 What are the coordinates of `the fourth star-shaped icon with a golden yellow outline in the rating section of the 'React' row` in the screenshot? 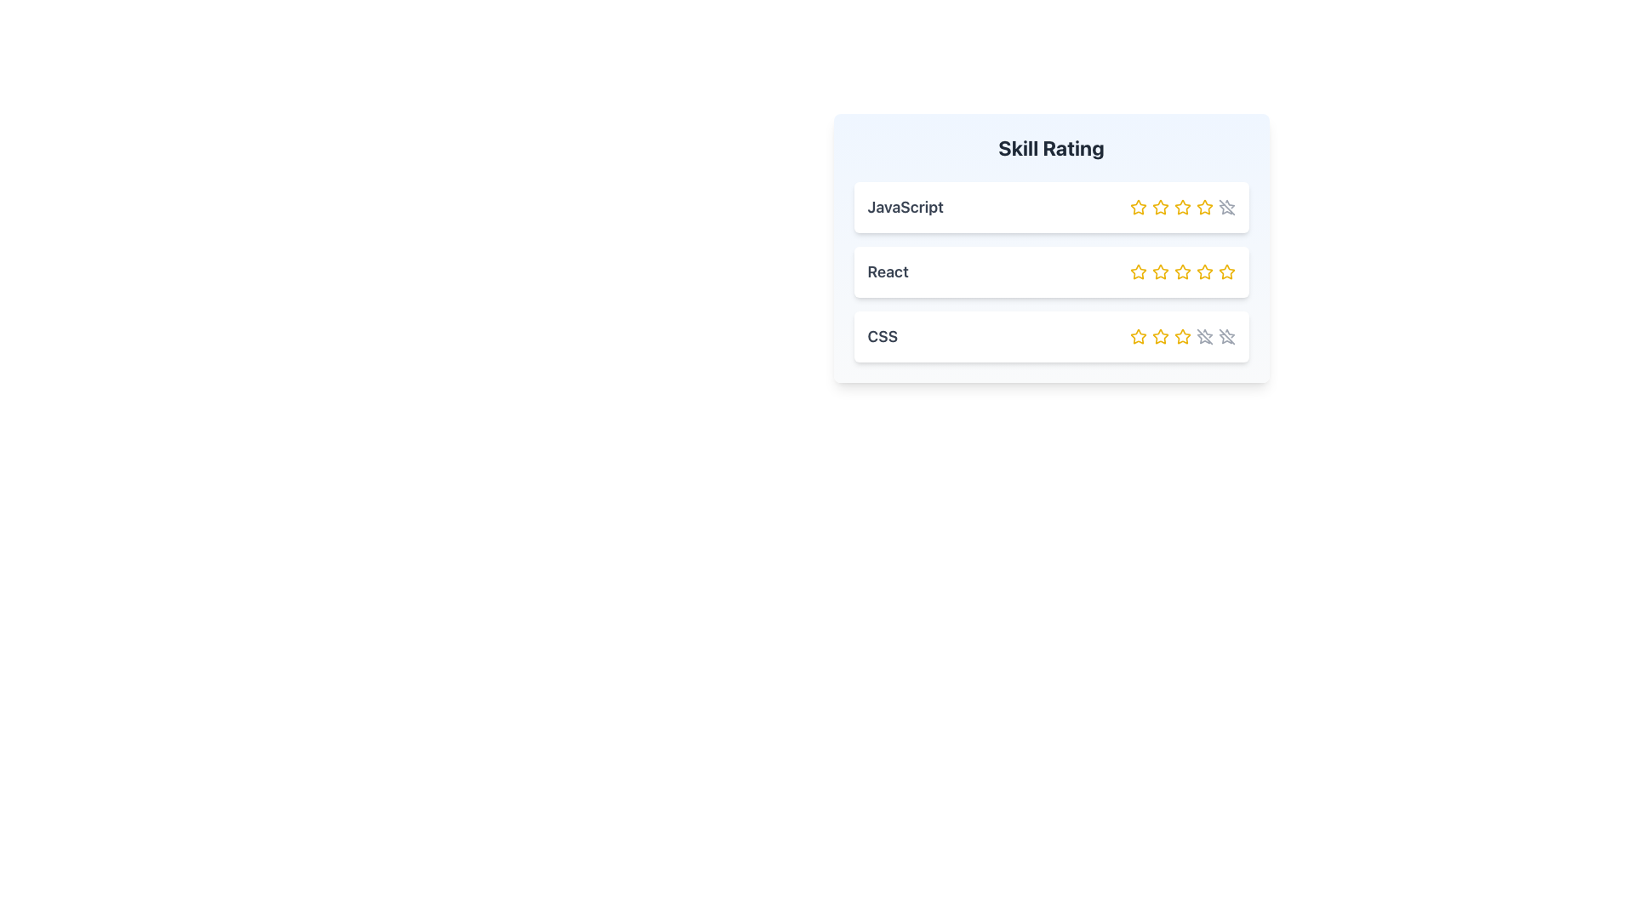 It's located at (1203, 271).